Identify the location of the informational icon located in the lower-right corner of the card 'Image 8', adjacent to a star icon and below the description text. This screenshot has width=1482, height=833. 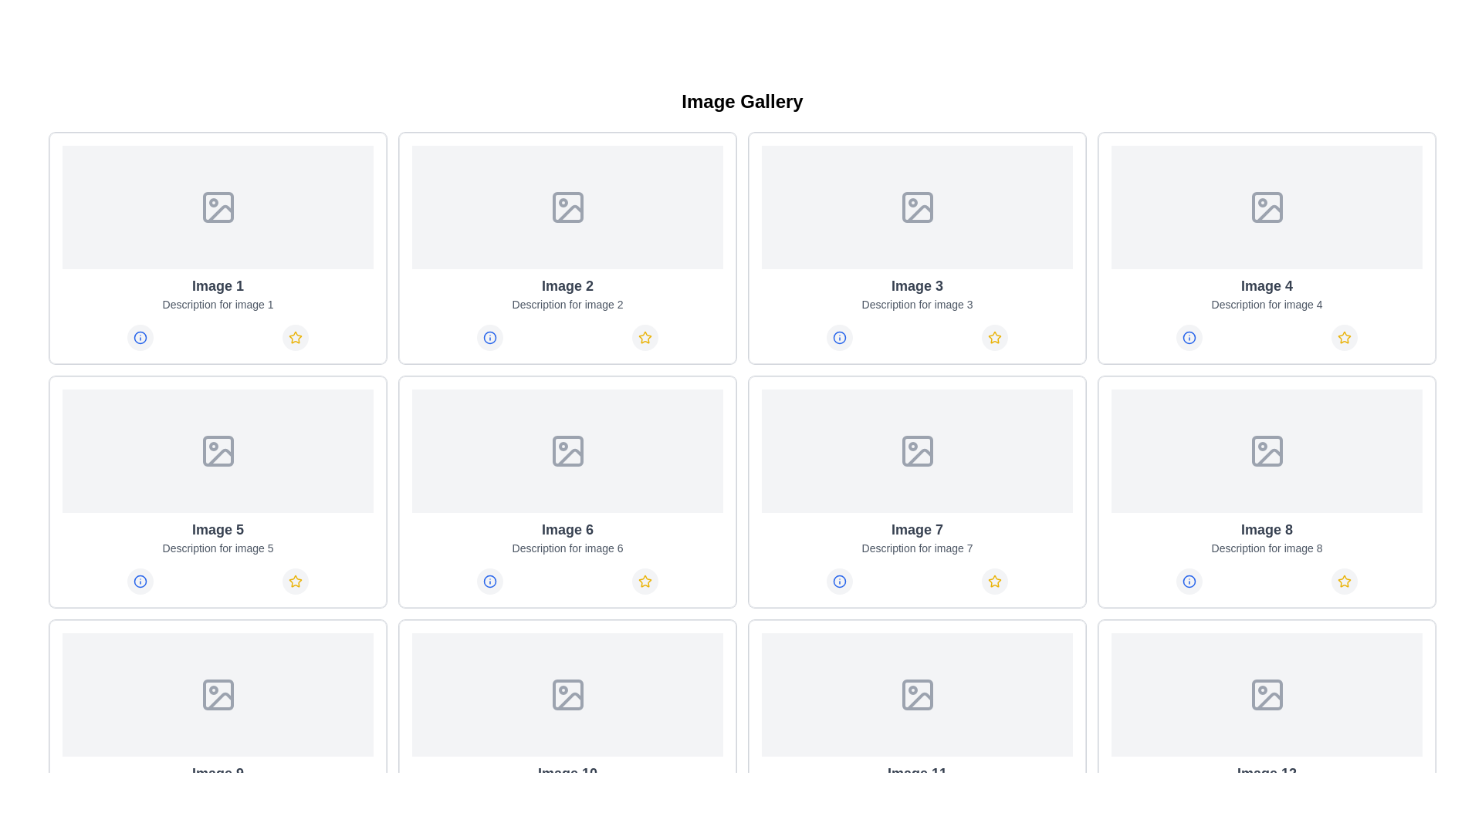
(1188, 581).